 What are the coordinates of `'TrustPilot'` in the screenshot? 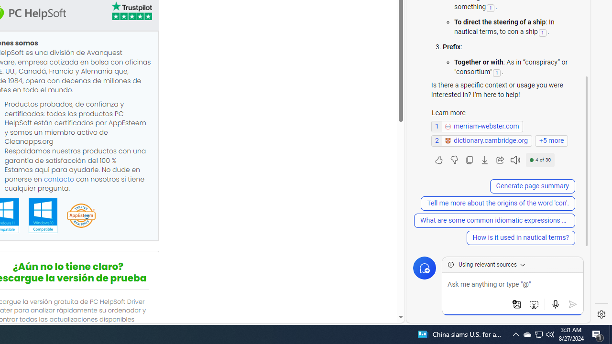 It's located at (131, 12).